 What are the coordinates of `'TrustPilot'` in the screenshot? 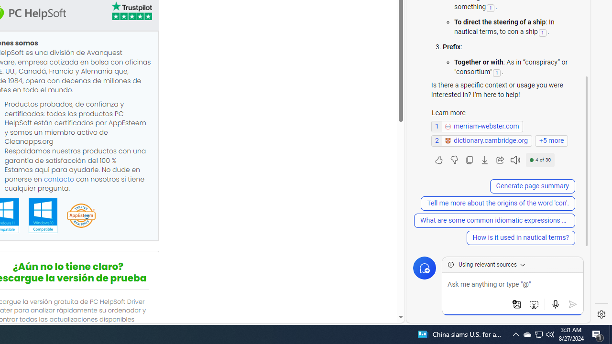 It's located at (131, 12).